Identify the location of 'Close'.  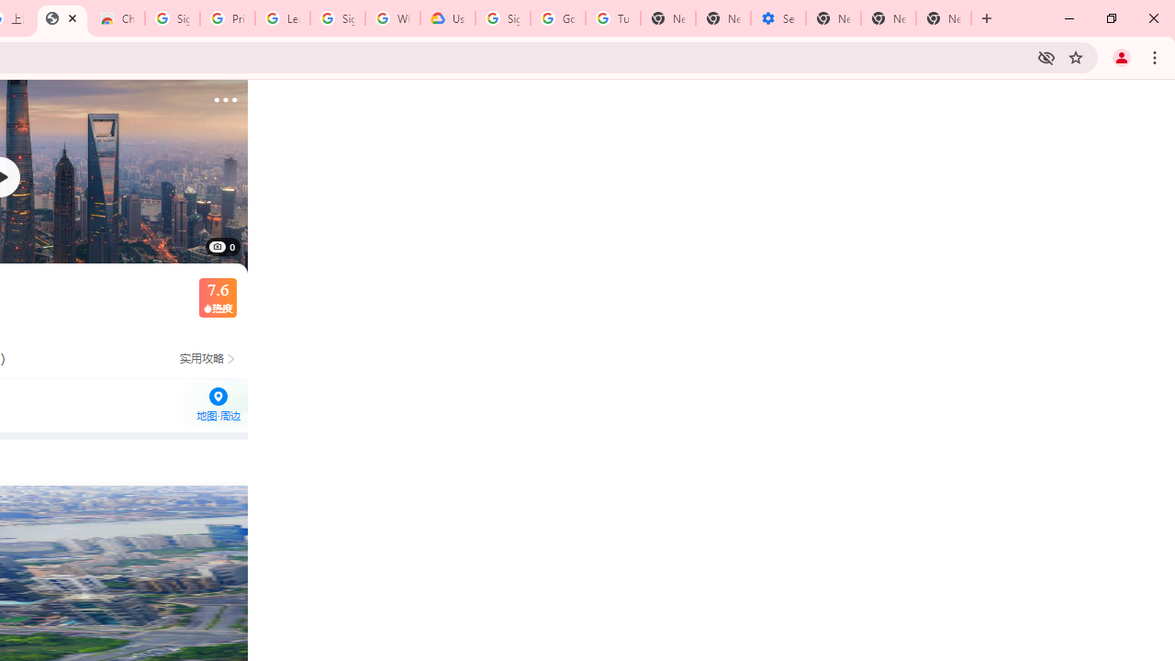
(73, 17).